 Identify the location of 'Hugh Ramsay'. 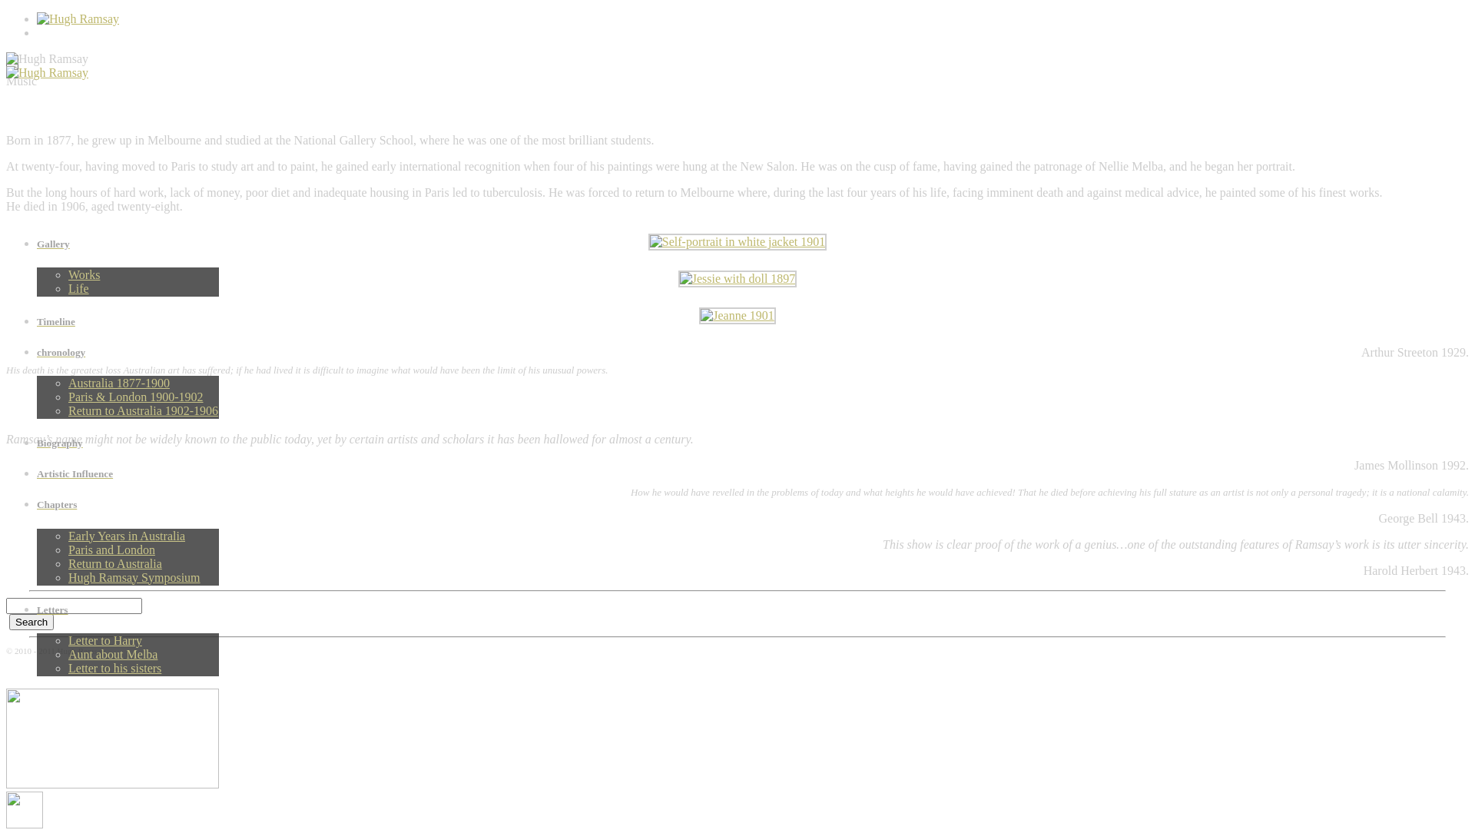
(6, 58).